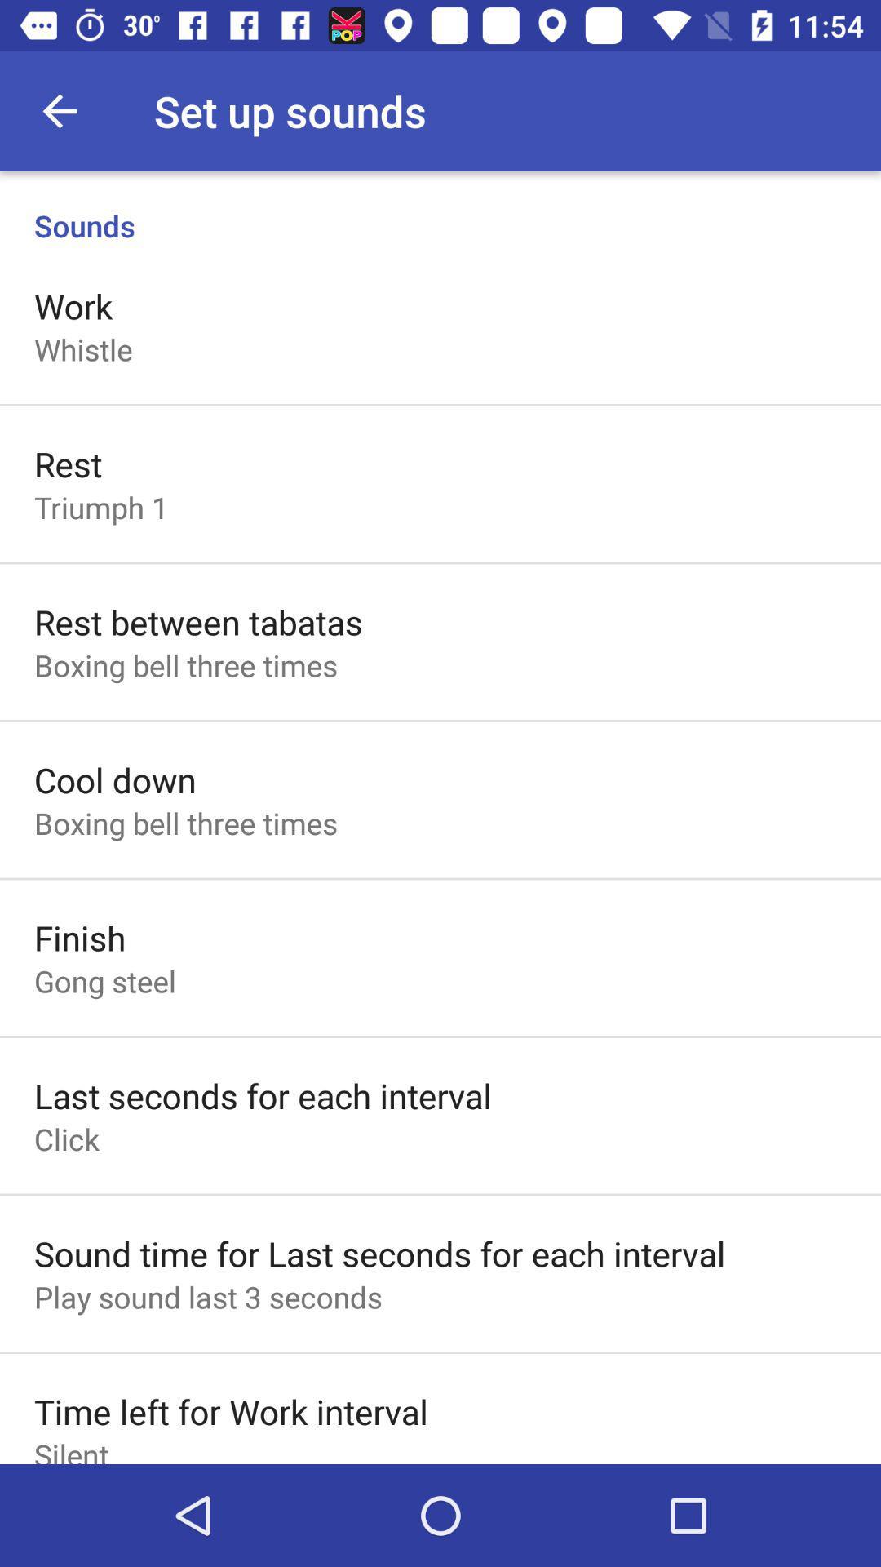  What do you see at coordinates (114, 779) in the screenshot?
I see `cool down icon` at bounding box center [114, 779].